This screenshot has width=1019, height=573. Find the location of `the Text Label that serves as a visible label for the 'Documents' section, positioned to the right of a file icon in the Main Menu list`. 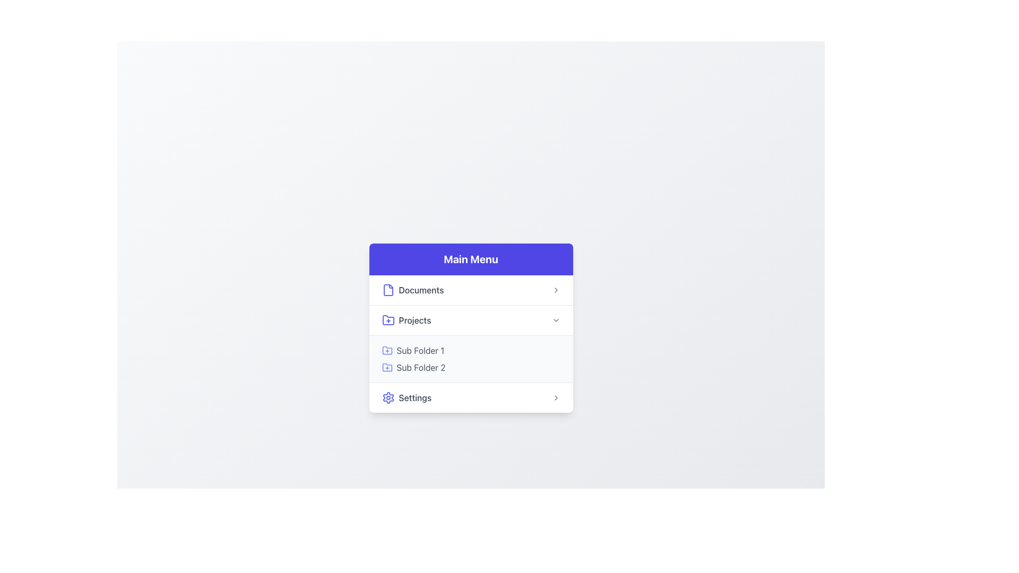

the Text Label that serves as a visible label for the 'Documents' section, positioned to the right of a file icon in the Main Menu list is located at coordinates (420, 290).